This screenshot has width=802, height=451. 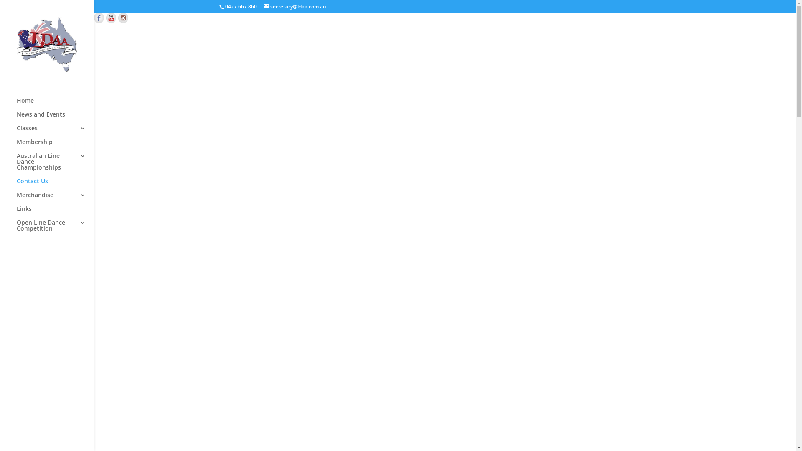 What do you see at coordinates (122, 18) in the screenshot?
I see `'Check out our instagram feed'` at bounding box center [122, 18].